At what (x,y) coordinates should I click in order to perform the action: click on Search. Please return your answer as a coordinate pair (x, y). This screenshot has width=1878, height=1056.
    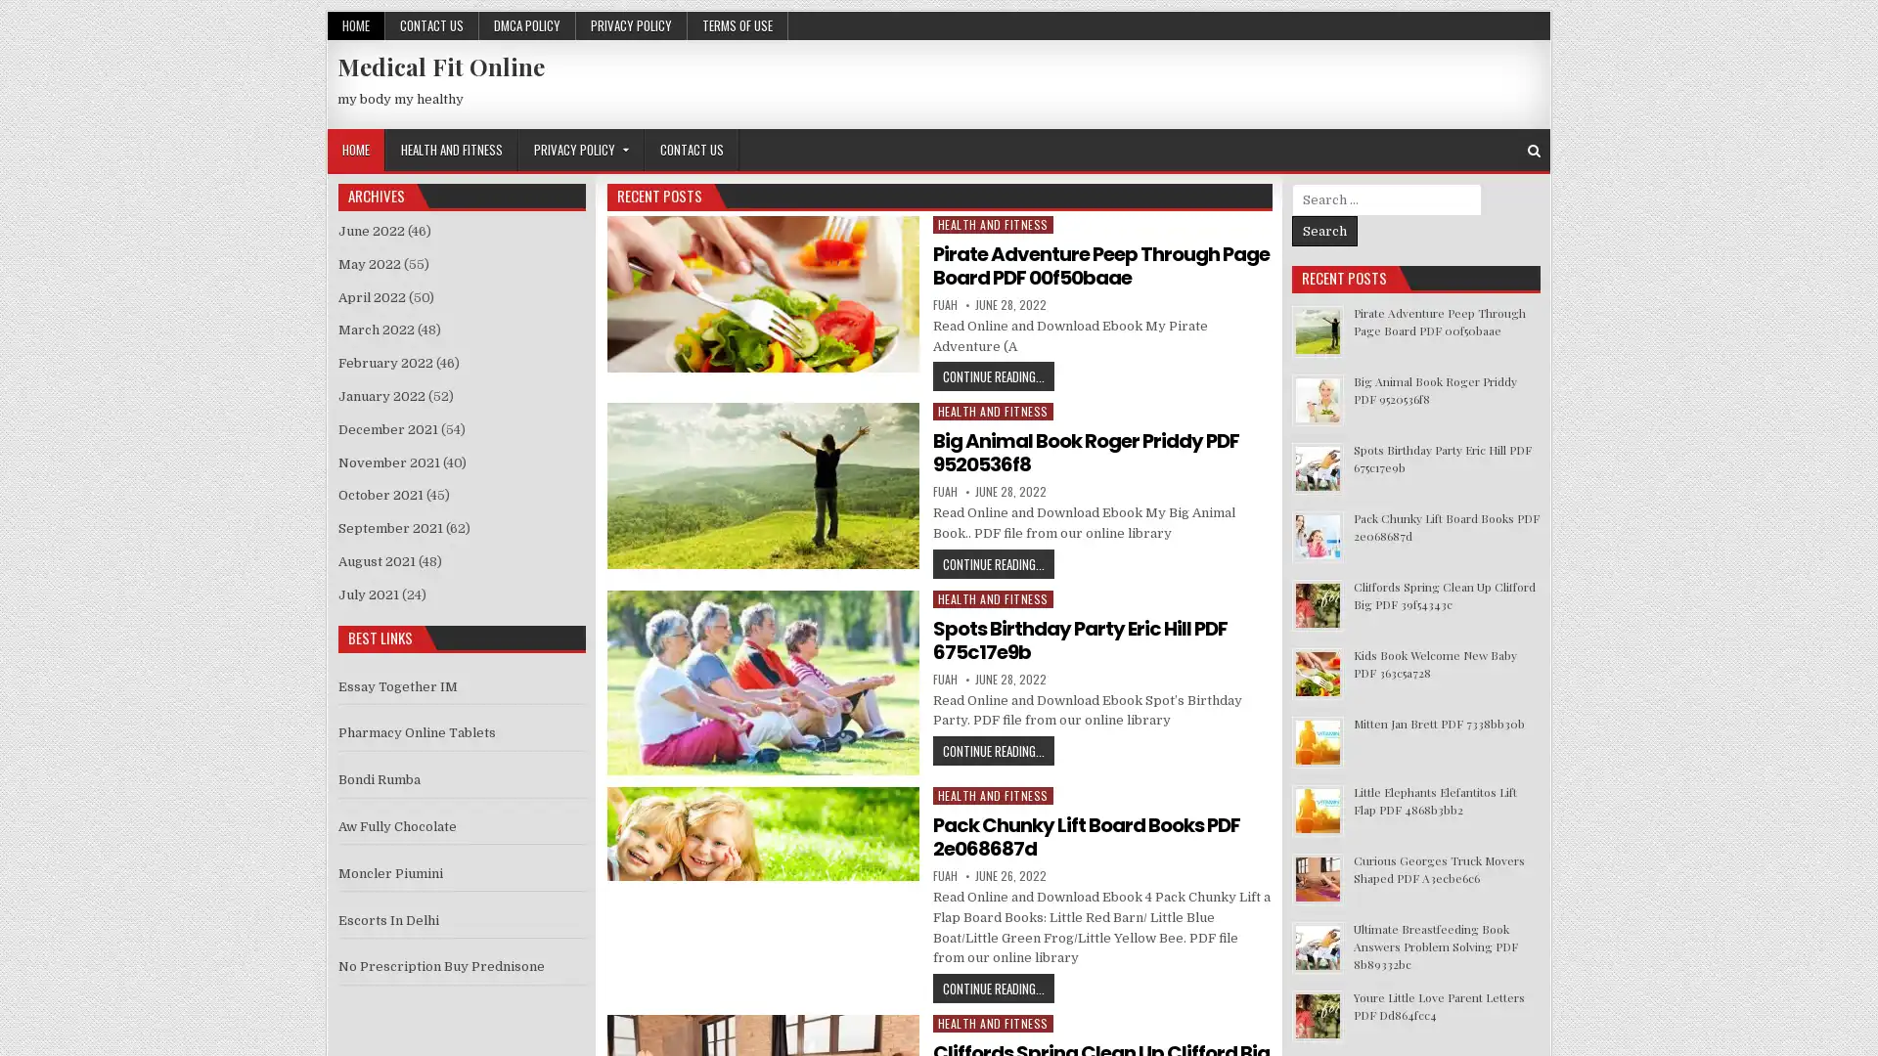
    Looking at the image, I should click on (1324, 230).